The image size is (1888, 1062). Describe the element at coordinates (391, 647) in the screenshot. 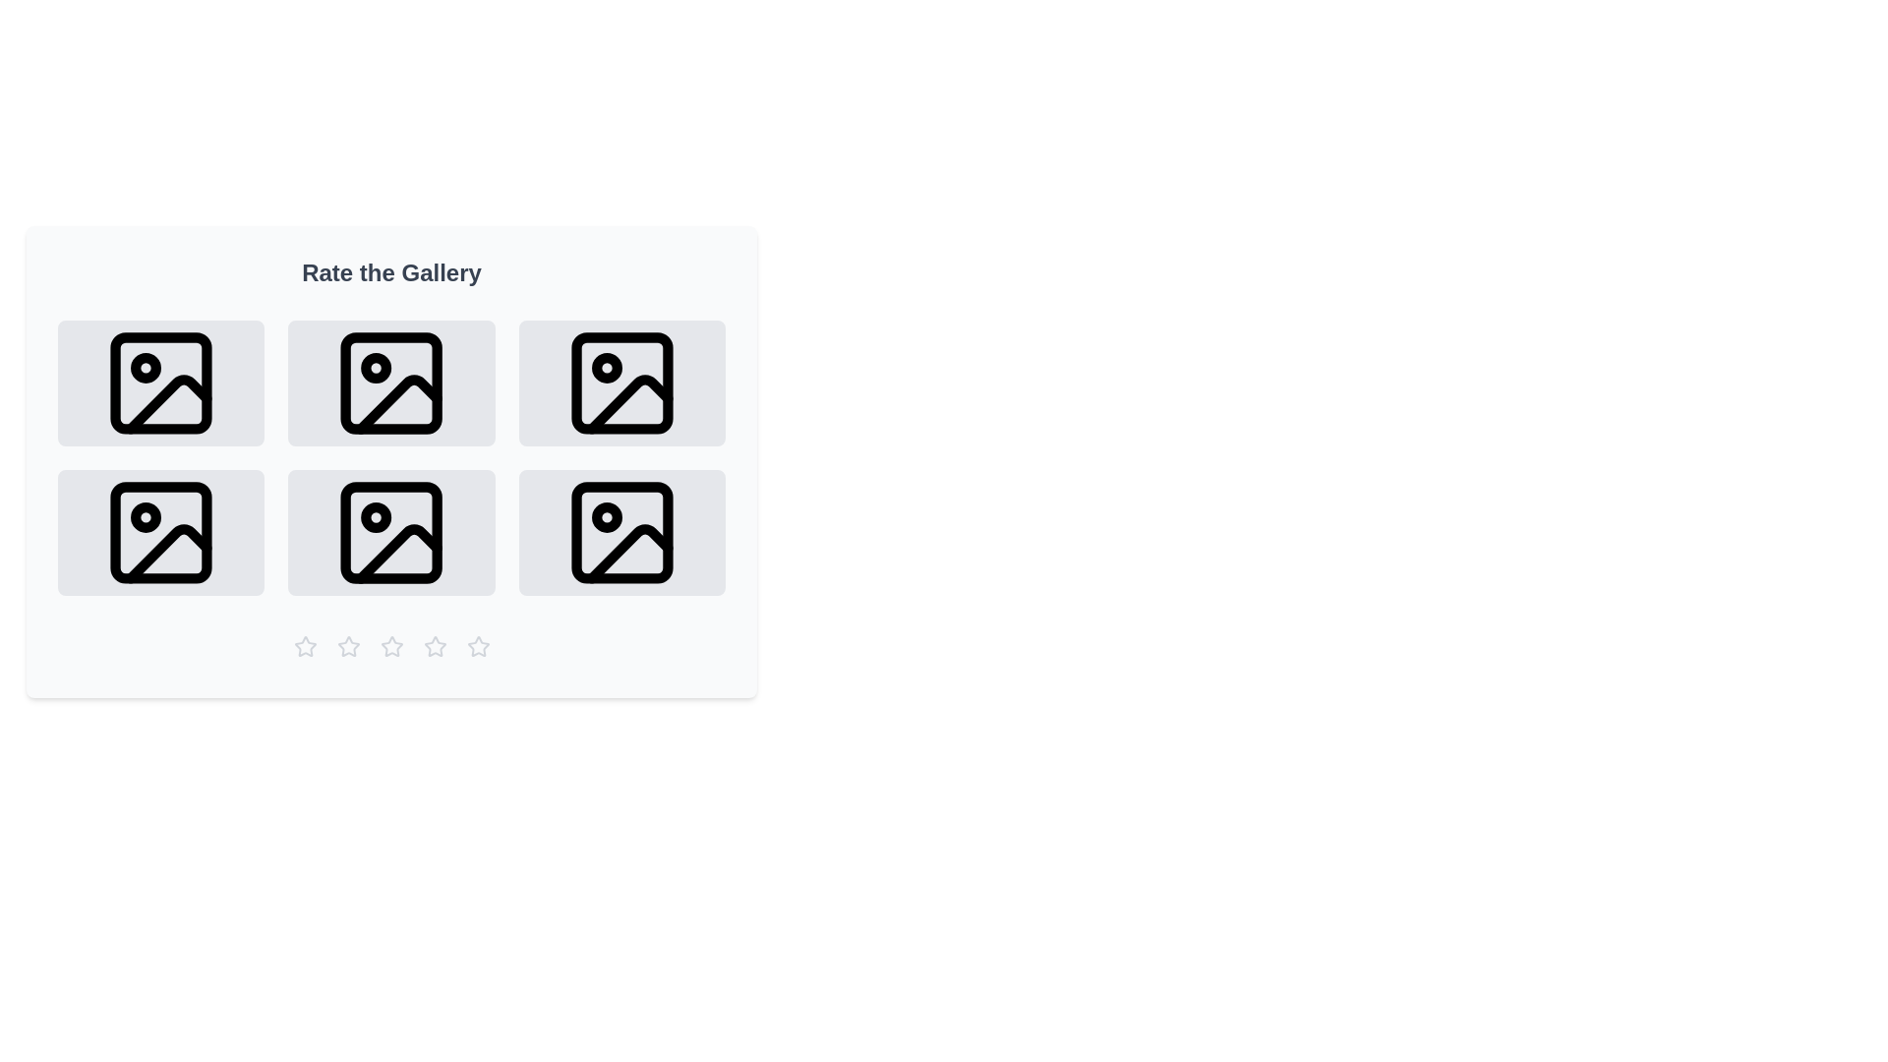

I see `the star rating button corresponding to 3 stars` at that location.